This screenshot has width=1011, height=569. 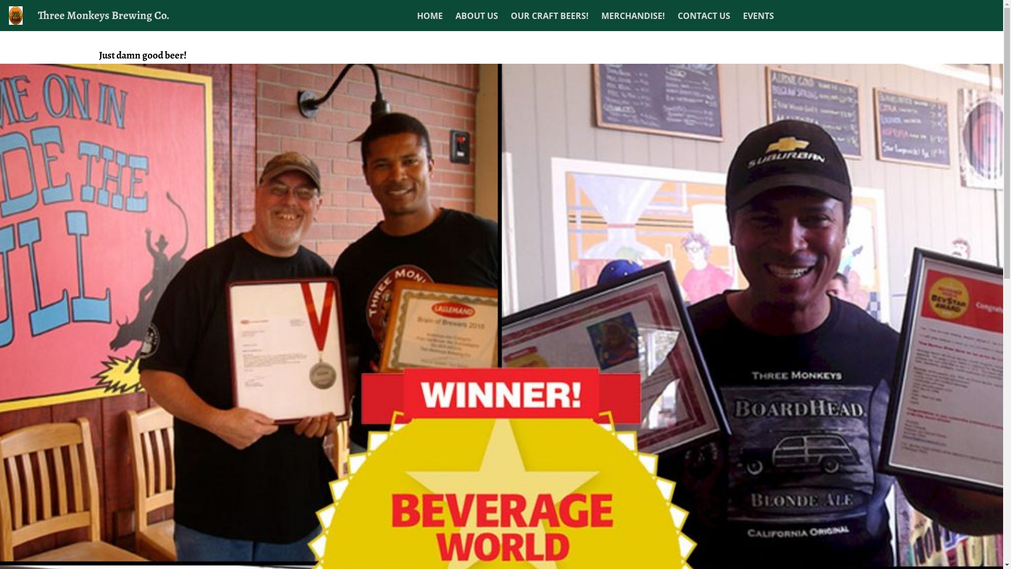 I want to click on 'MERCHANDISE!', so click(x=632, y=15).